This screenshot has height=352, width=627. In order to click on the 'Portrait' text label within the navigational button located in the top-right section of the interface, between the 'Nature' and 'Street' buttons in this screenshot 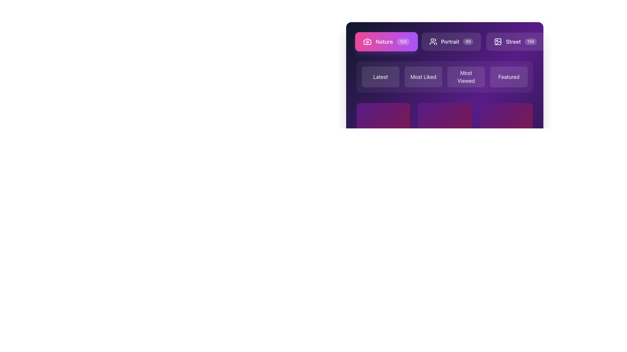, I will do `click(449, 41)`.